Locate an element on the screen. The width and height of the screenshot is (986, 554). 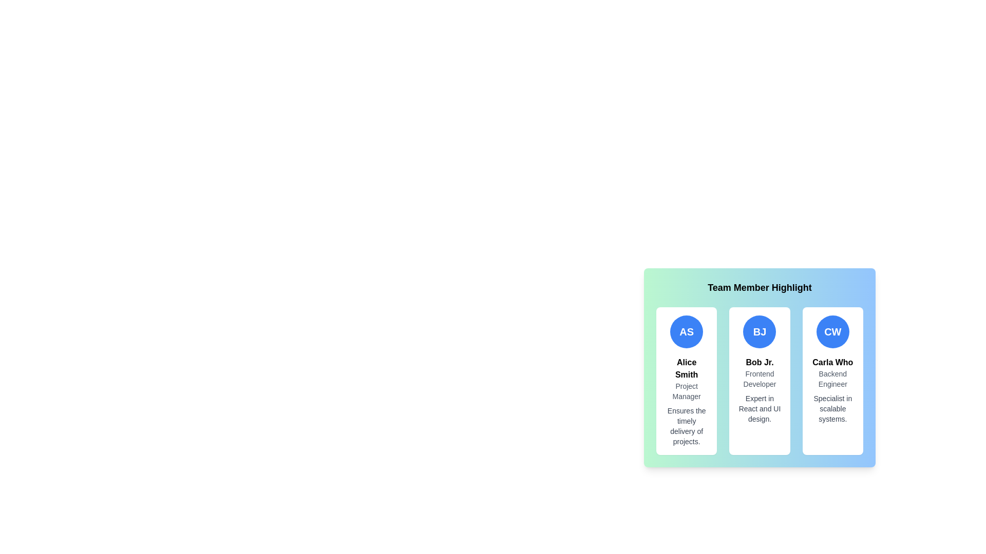
the text label displaying the name of the person in the profile card, located below the circular badge labeled 'AS' and above the text 'Project Manager' is located at coordinates (687, 368).